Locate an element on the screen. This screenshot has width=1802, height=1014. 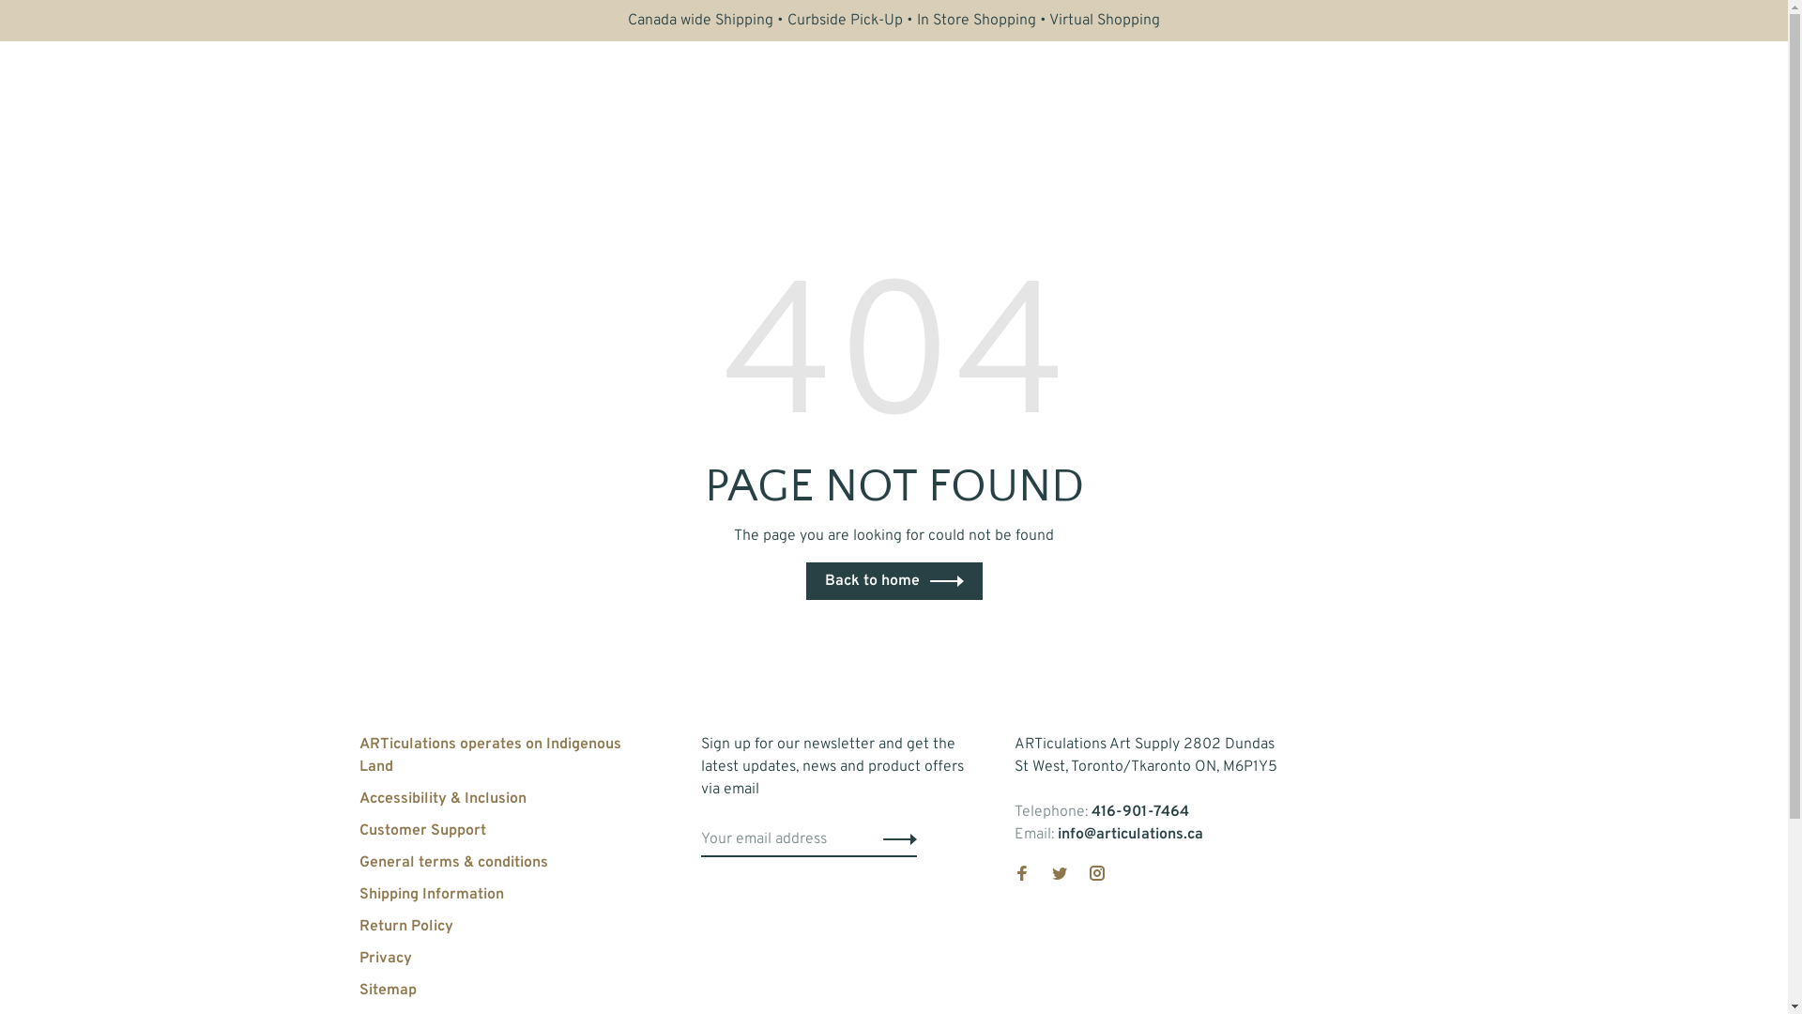
'Subscribe' is located at coordinates (47, 19).